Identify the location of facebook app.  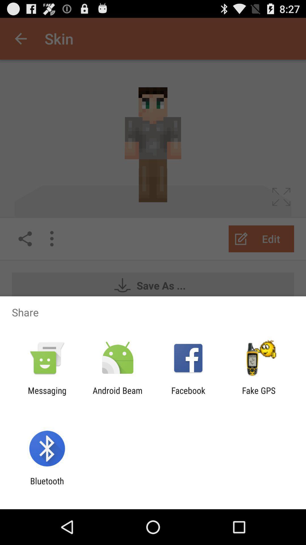
(188, 395).